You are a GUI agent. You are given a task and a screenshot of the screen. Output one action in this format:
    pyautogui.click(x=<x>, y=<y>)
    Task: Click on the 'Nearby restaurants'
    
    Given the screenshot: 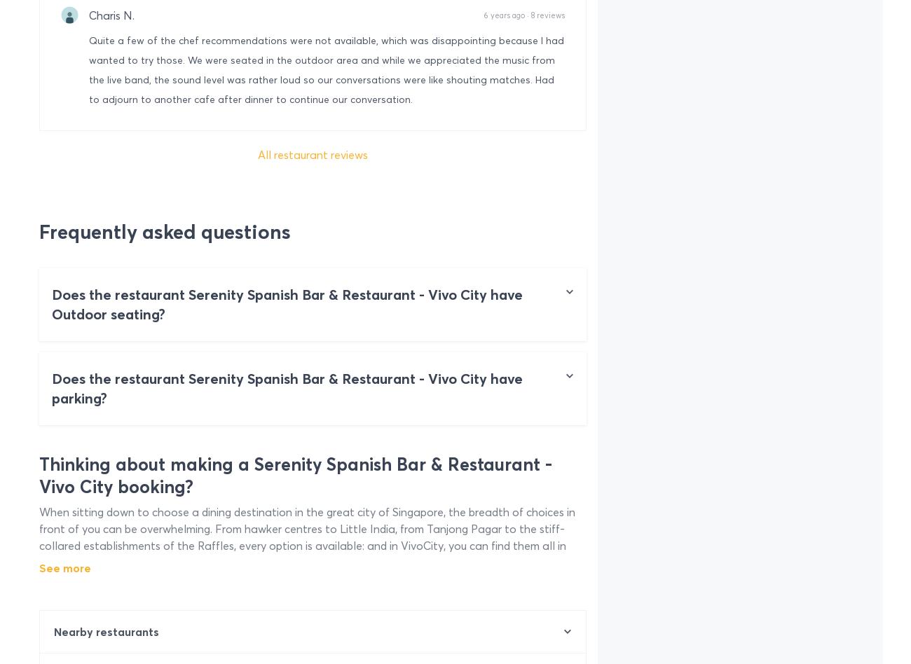 What is the action you would take?
    pyautogui.click(x=105, y=631)
    